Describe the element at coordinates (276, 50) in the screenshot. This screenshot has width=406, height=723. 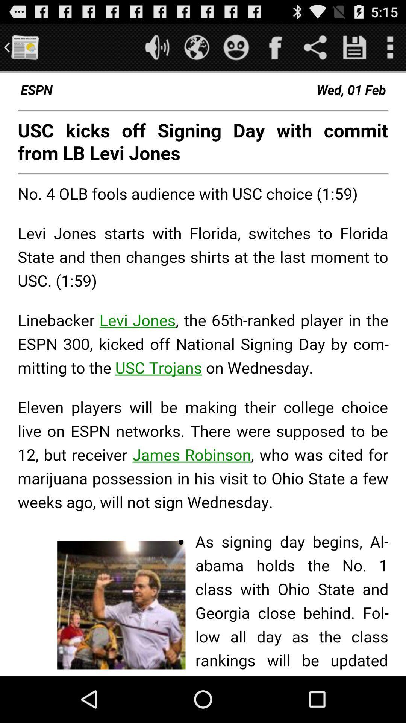
I see `the facebook icon` at that location.